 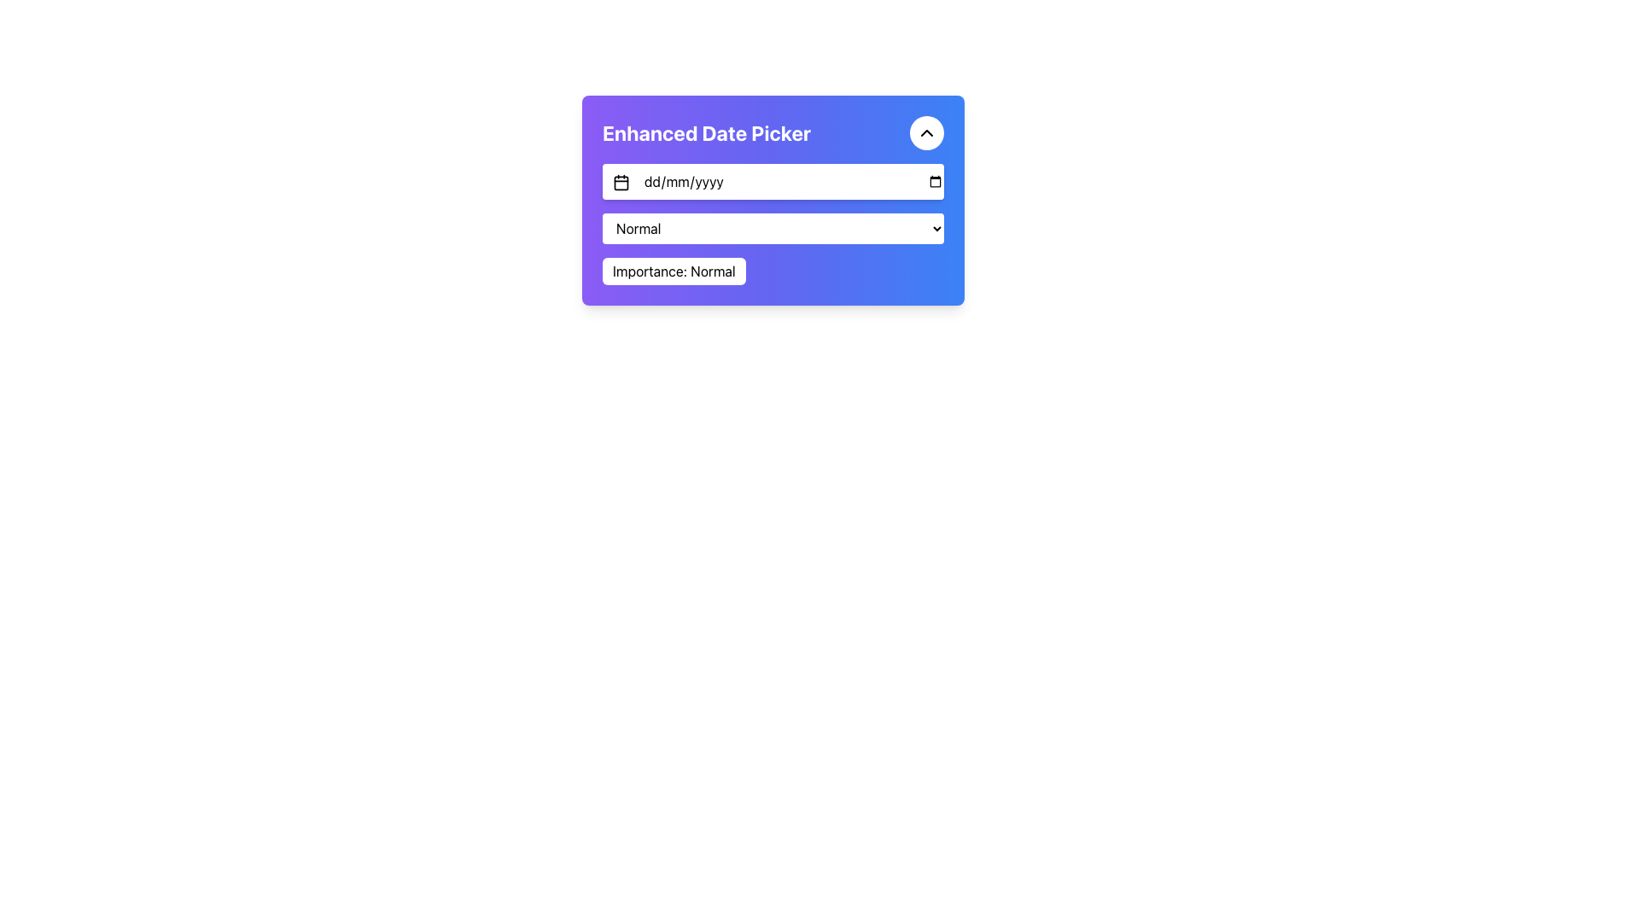 What do you see at coordinates (773, 131) in the screenshot?
I see `the header with a toggle button` at bounding box center [773, 131].